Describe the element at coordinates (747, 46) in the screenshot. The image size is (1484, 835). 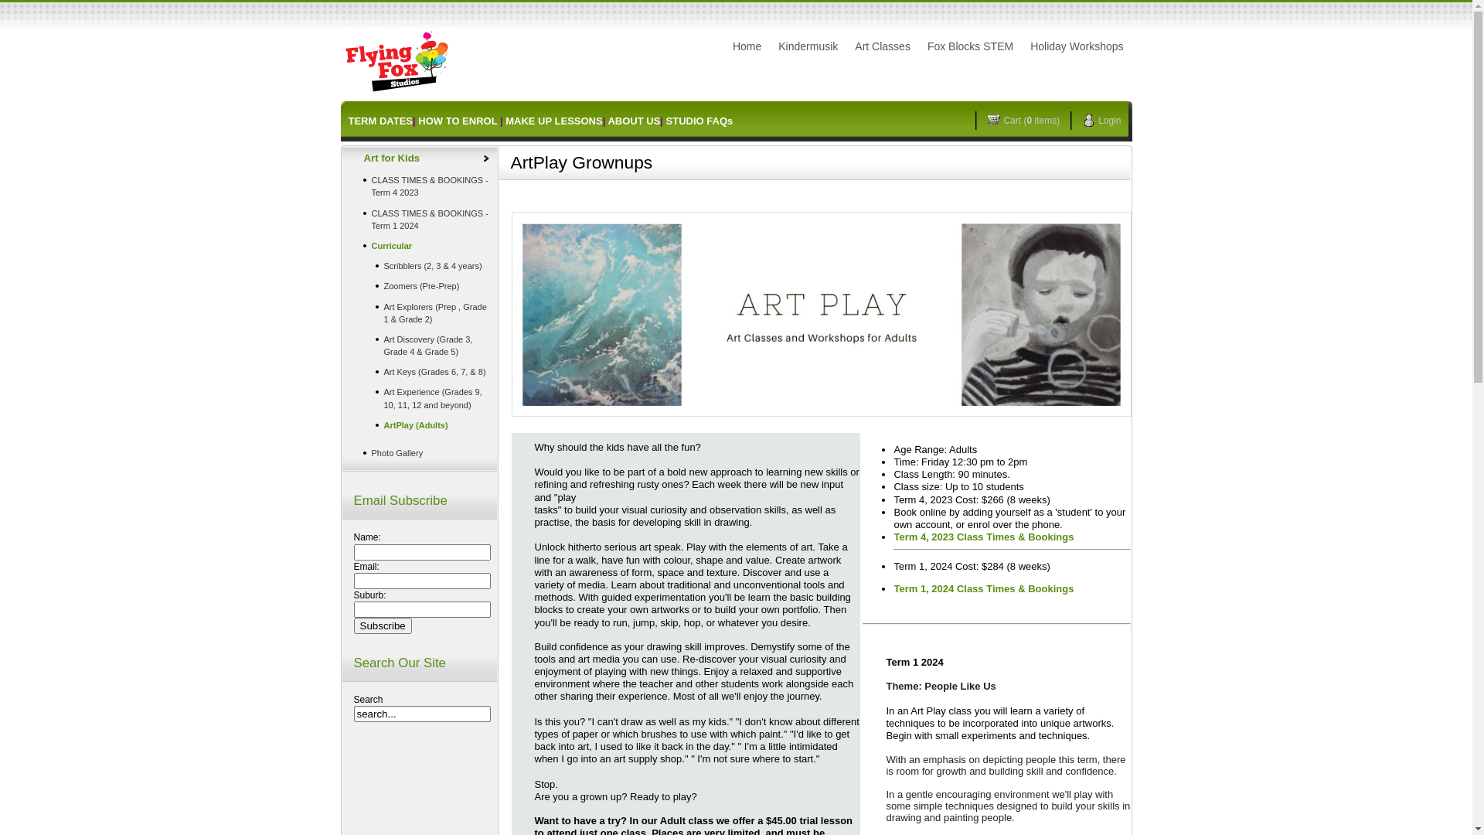
I see `'Home'` at that location.